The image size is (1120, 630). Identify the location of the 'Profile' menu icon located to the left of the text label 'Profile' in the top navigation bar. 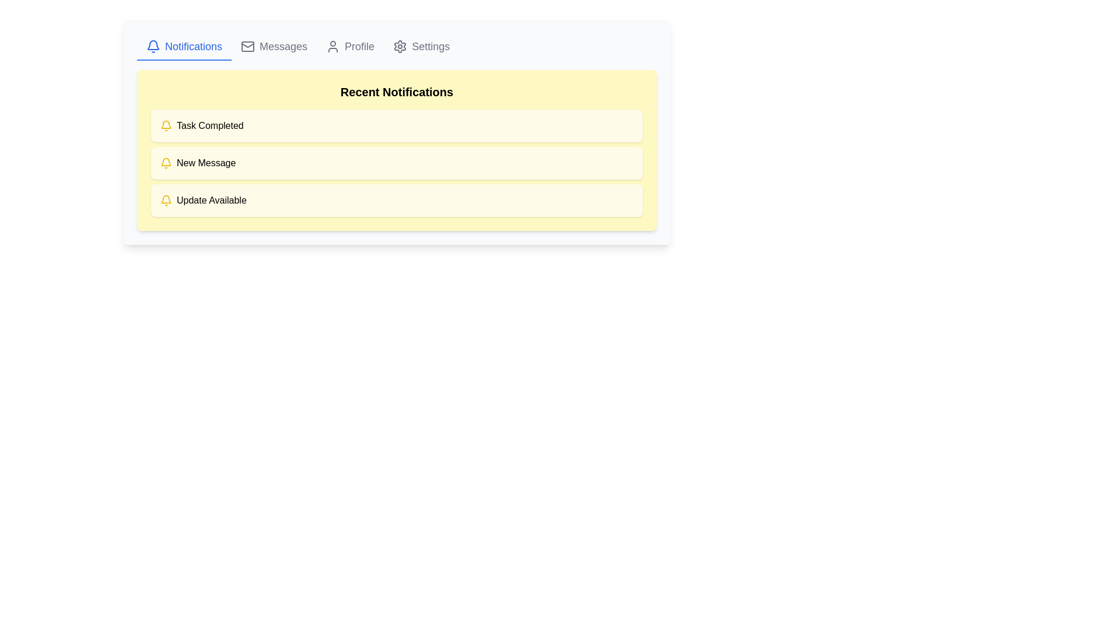
(332, 46).